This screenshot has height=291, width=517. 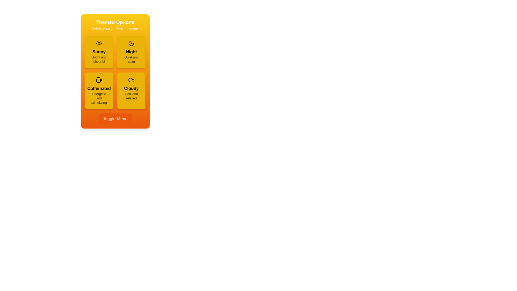 I want to click on the 'Toggle Menu' button to toggle the dropdown menu's state, so click(x=115, y=118).